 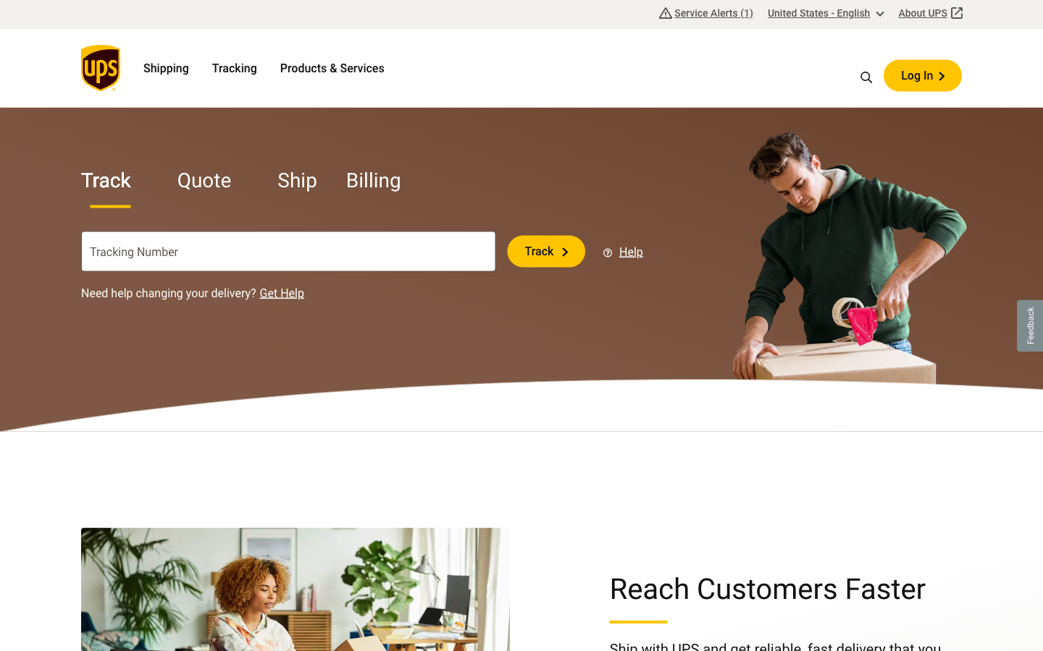 What do you see at coordinates (427, 251) in the screenshot?
I see `Delete the last character in the tracking number found in the tracking box` at bounding box center [427, 251].